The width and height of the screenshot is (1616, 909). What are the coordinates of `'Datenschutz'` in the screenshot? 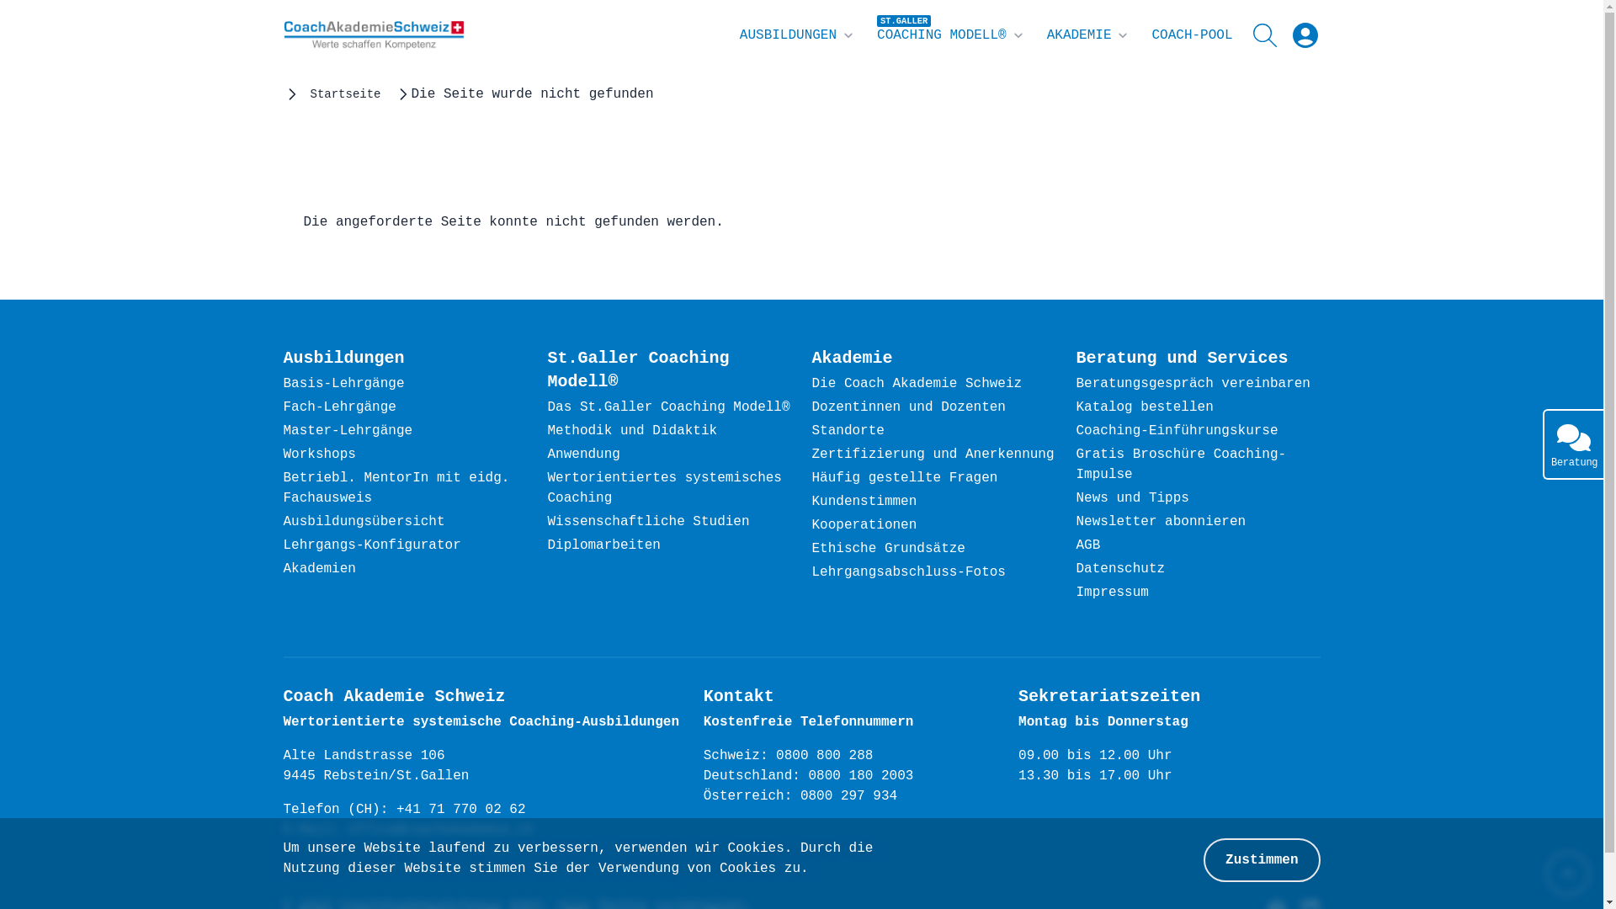 It's located at (1119, 569).